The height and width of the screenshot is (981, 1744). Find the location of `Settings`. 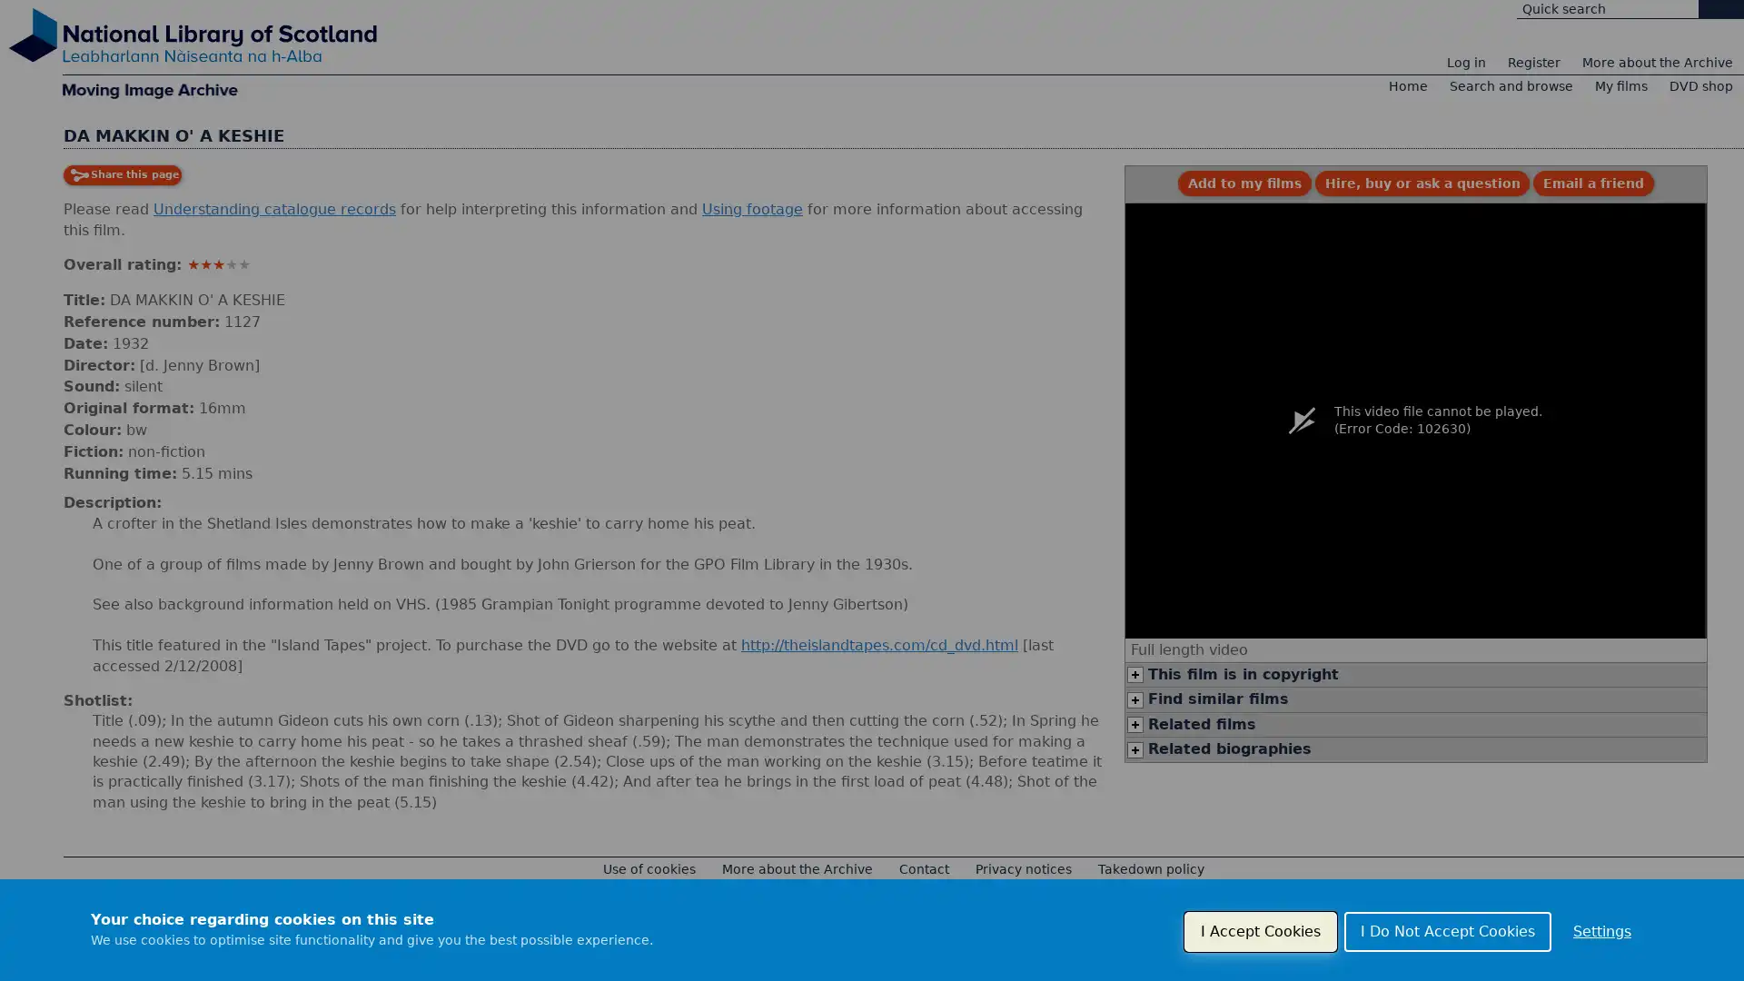

Settings is located at coordinates (1601, 932).